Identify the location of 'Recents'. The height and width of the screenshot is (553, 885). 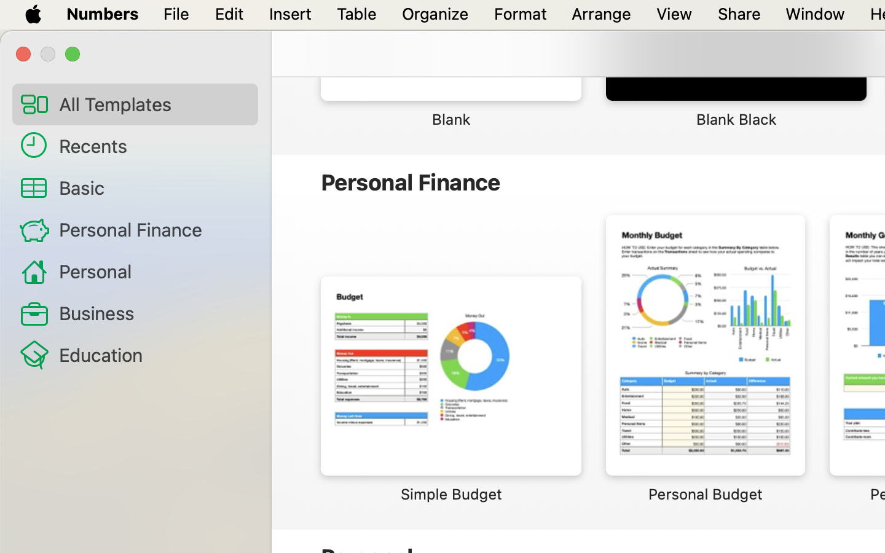
(152, 144).